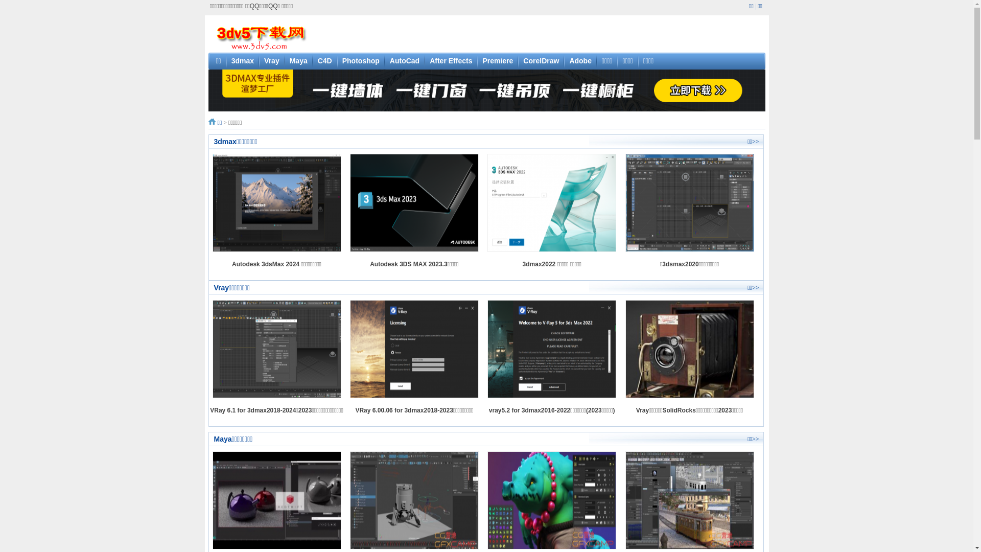 Image resolution: width=981 pixels, height=552 pixels. I want to click on 'AutoCad', so click(389, 61).